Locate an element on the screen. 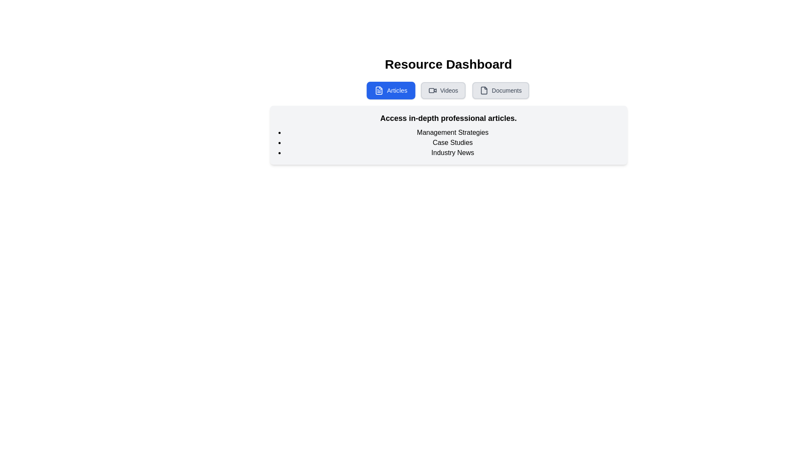 This screenshot has height=455, width=809. the 'Documents' tab button located at the far right of the tab list is located at coordinates (501, 91).